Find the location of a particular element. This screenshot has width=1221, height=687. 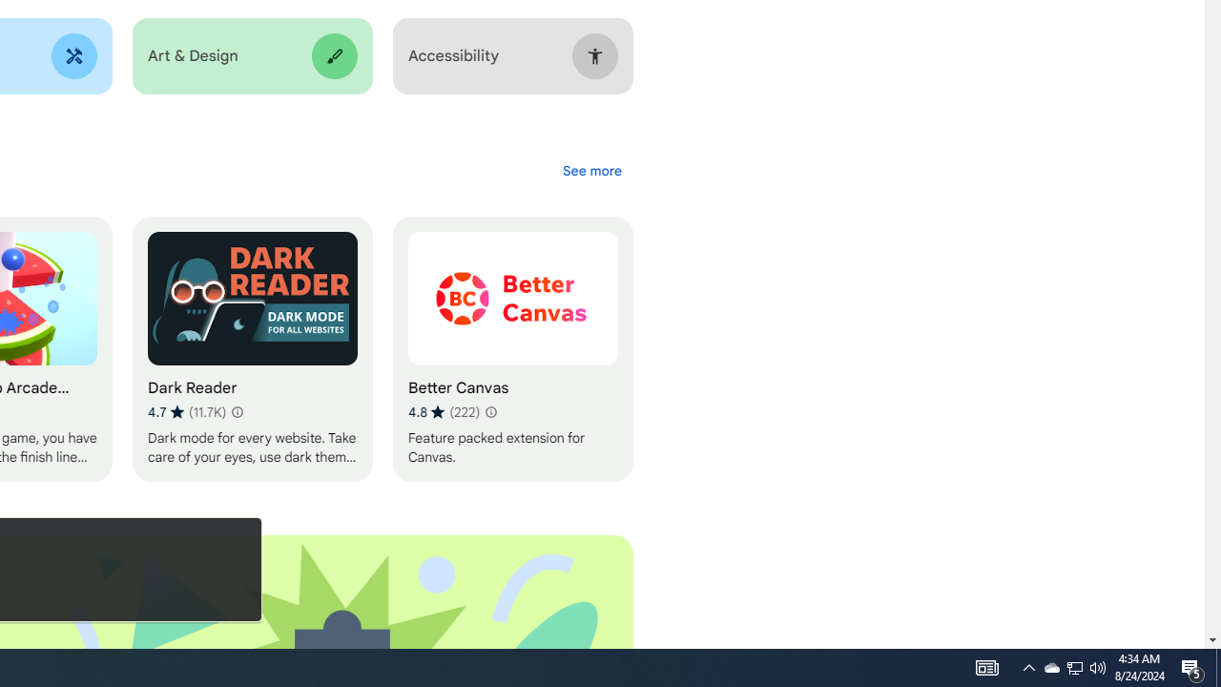

'Learn more about results and reviews "Better Canvas"' is located at coordinates (489, 411).